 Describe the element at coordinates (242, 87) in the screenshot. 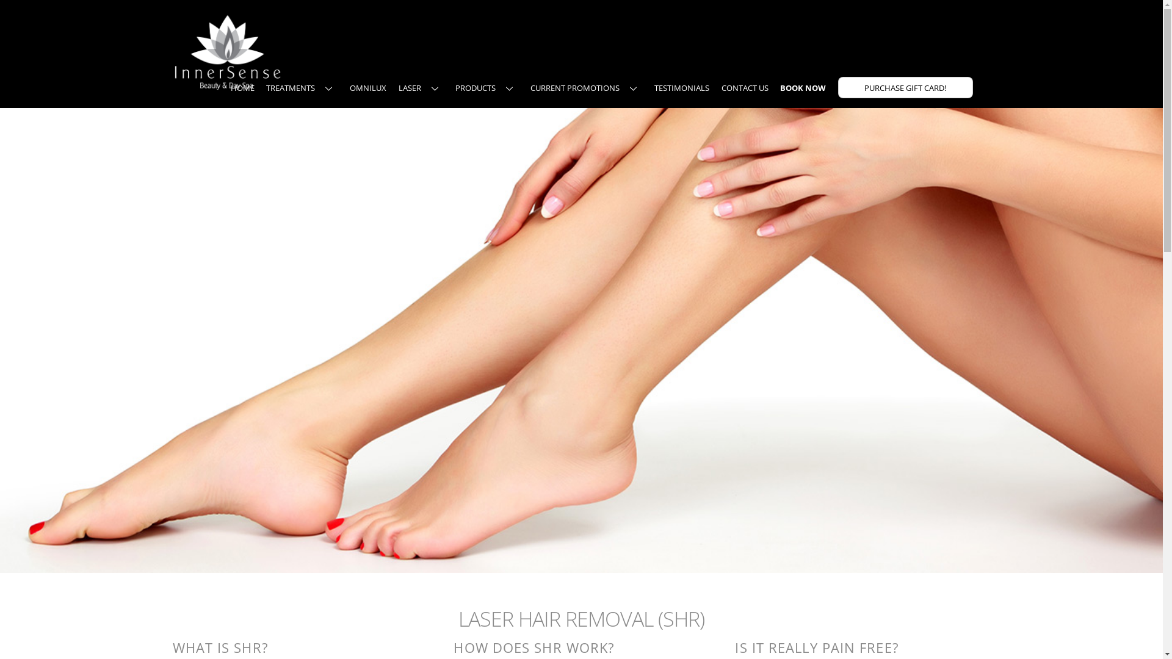

I see `'HOME'` at that location.